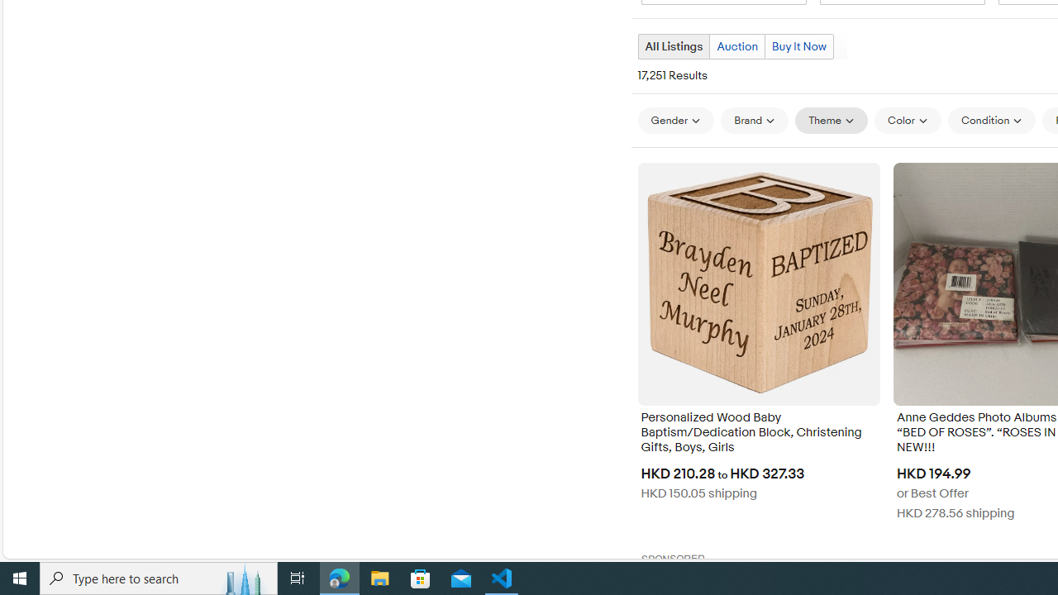 This screenshot has width=1058, height=595. I want to click on 'Color', so click(907, 119).